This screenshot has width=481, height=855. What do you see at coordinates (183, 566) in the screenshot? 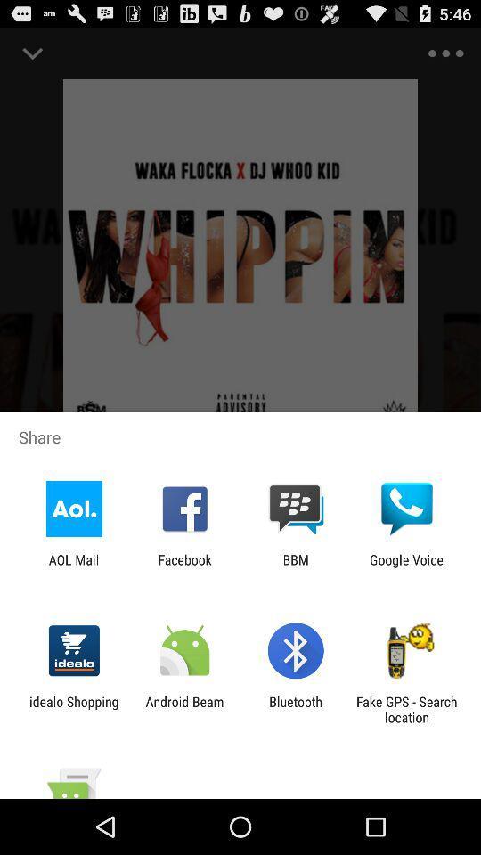
I see `the facebook icon` at bounding box center [183, 566].